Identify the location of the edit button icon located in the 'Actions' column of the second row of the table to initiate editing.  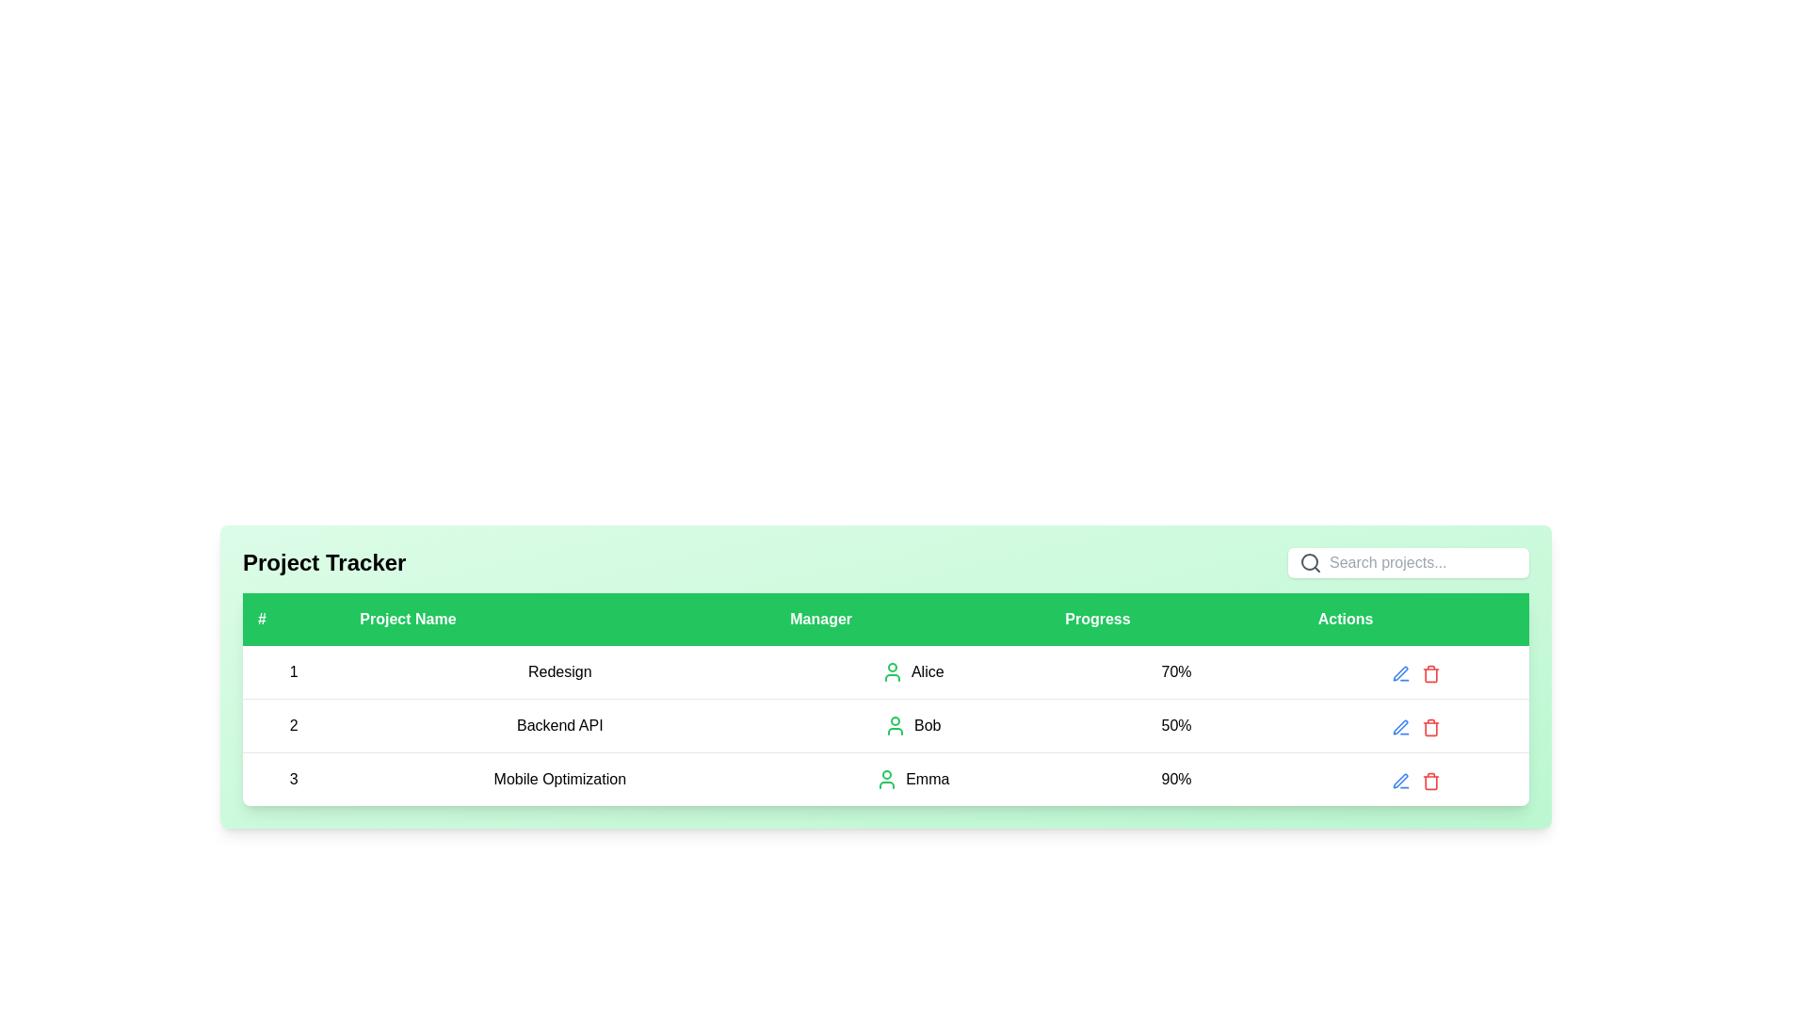
(1400, 726).